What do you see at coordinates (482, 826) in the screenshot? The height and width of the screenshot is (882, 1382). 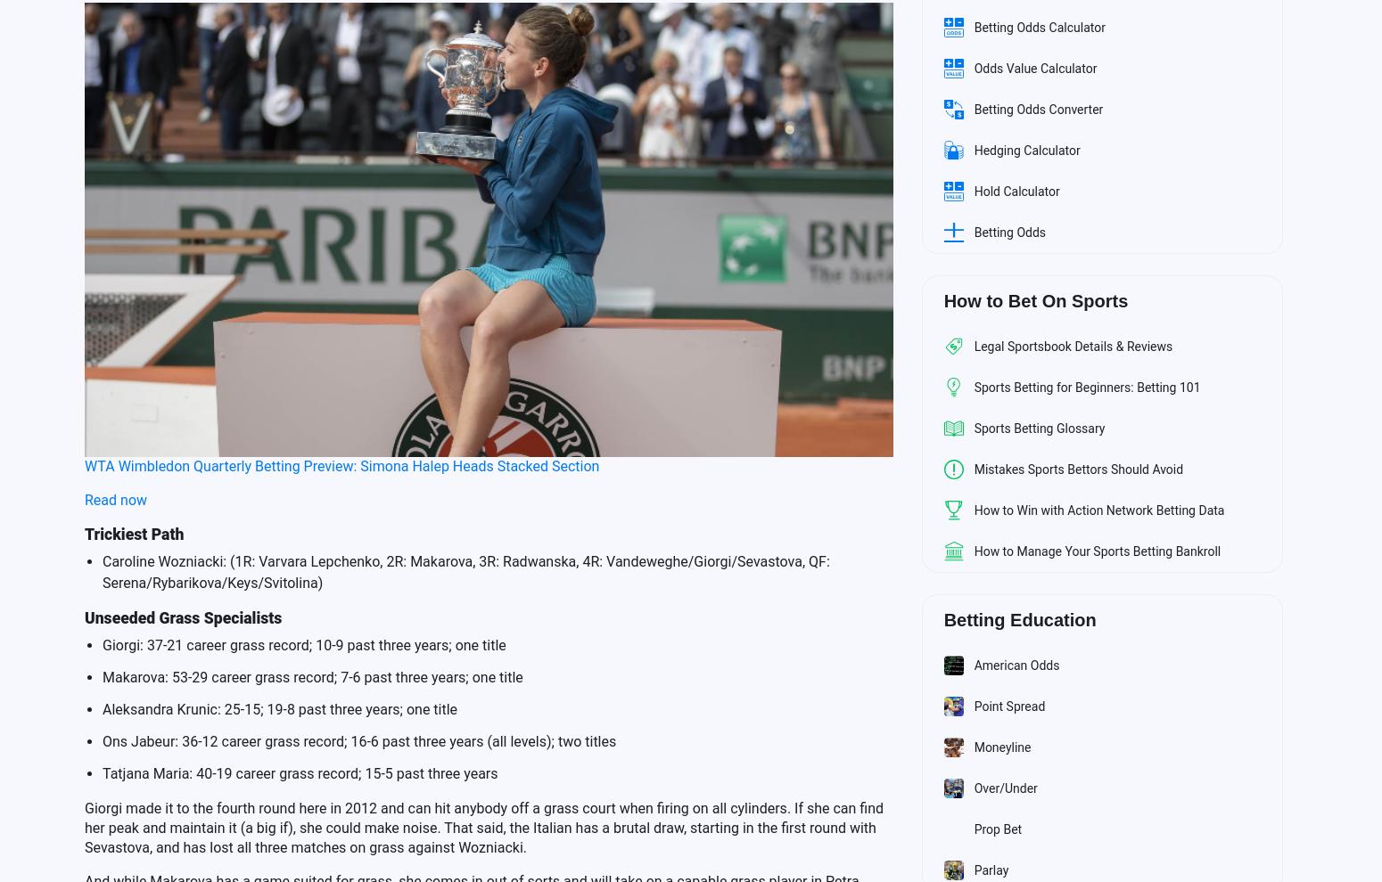 I see `'Giorgi made it to the fourth round here in 2012 and can hit anybody off a grass court when firing on all cylinders. If she can find her peak and maintain it (a big if), she could make noise. That said, the Italian has a brutal draw, starting in the first round with Sevastova, and has lost all three matches on grass against Wozniacki.'` at bounding box center [482, 826].